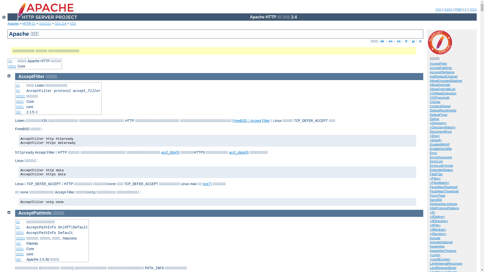 This screenshot has height=272, width=484. What do you see at coordinates (418, 41) in the screenshot?
I see `' tr '` at bounding box center [418, 41].